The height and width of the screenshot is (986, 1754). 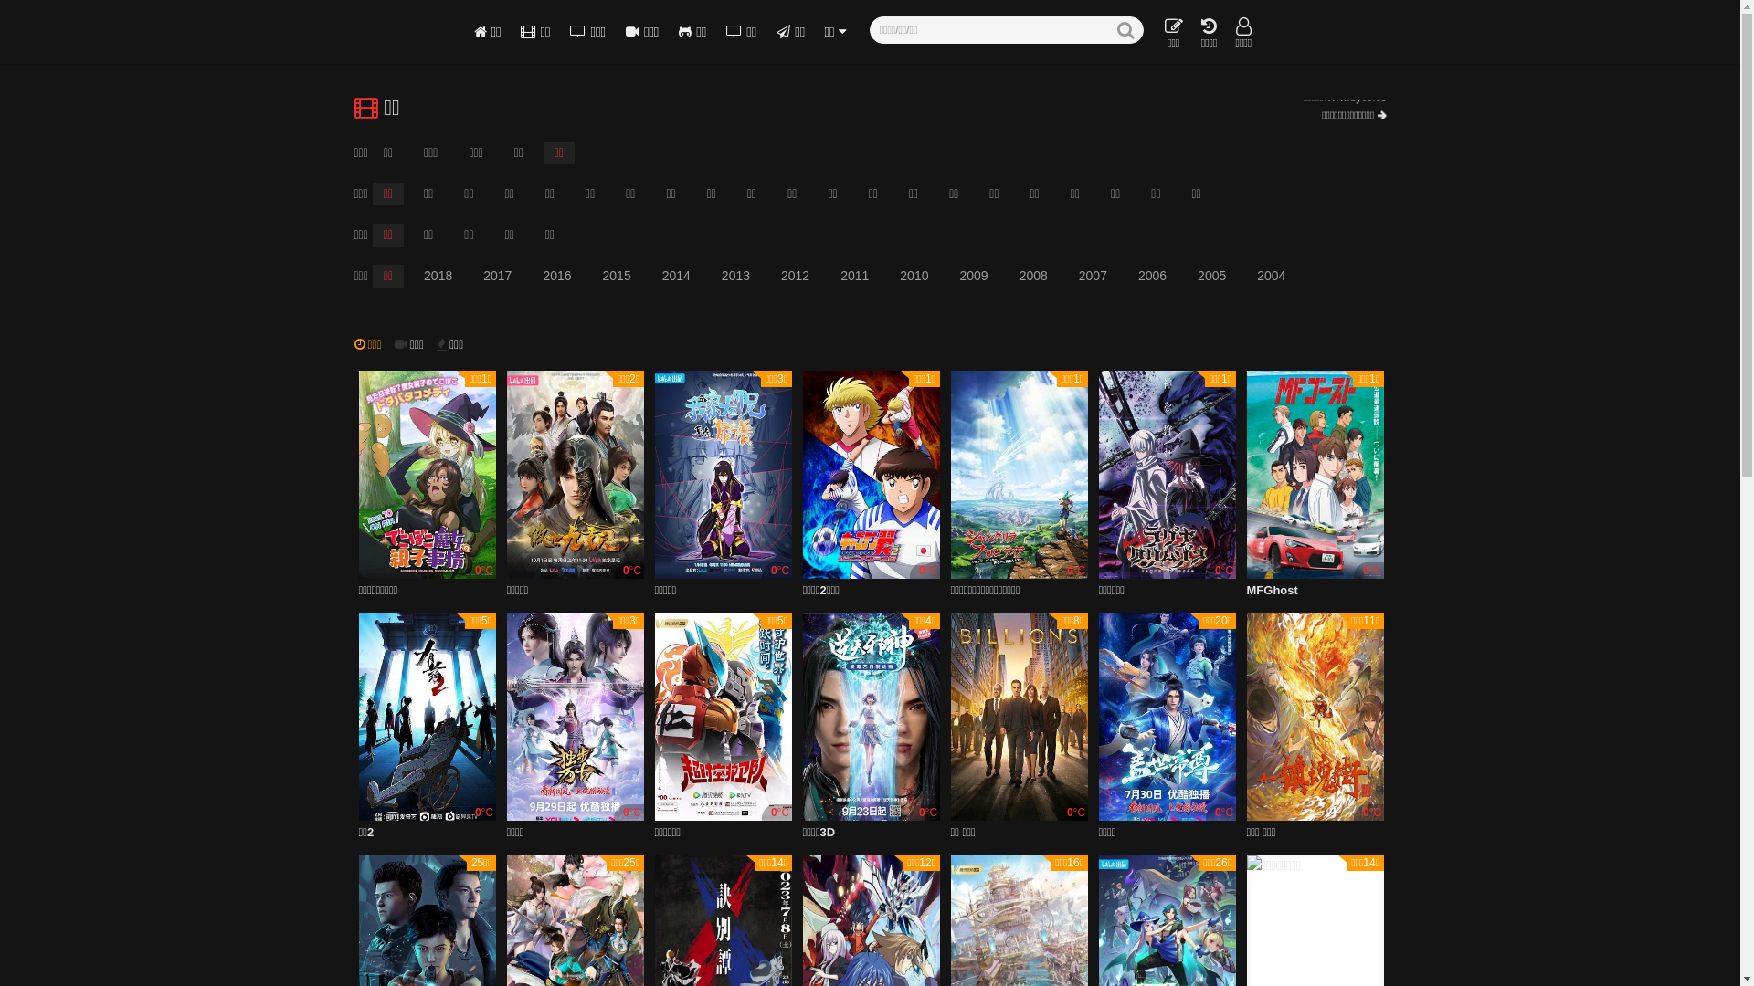 I want to click on '2014', so click(x=675, y=276).